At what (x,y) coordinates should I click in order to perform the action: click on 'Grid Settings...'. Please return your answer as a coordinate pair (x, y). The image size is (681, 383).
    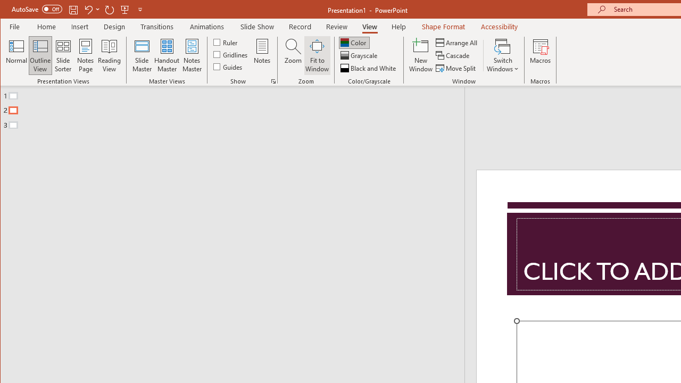
    Looking at the image, I should click on (273, 81).